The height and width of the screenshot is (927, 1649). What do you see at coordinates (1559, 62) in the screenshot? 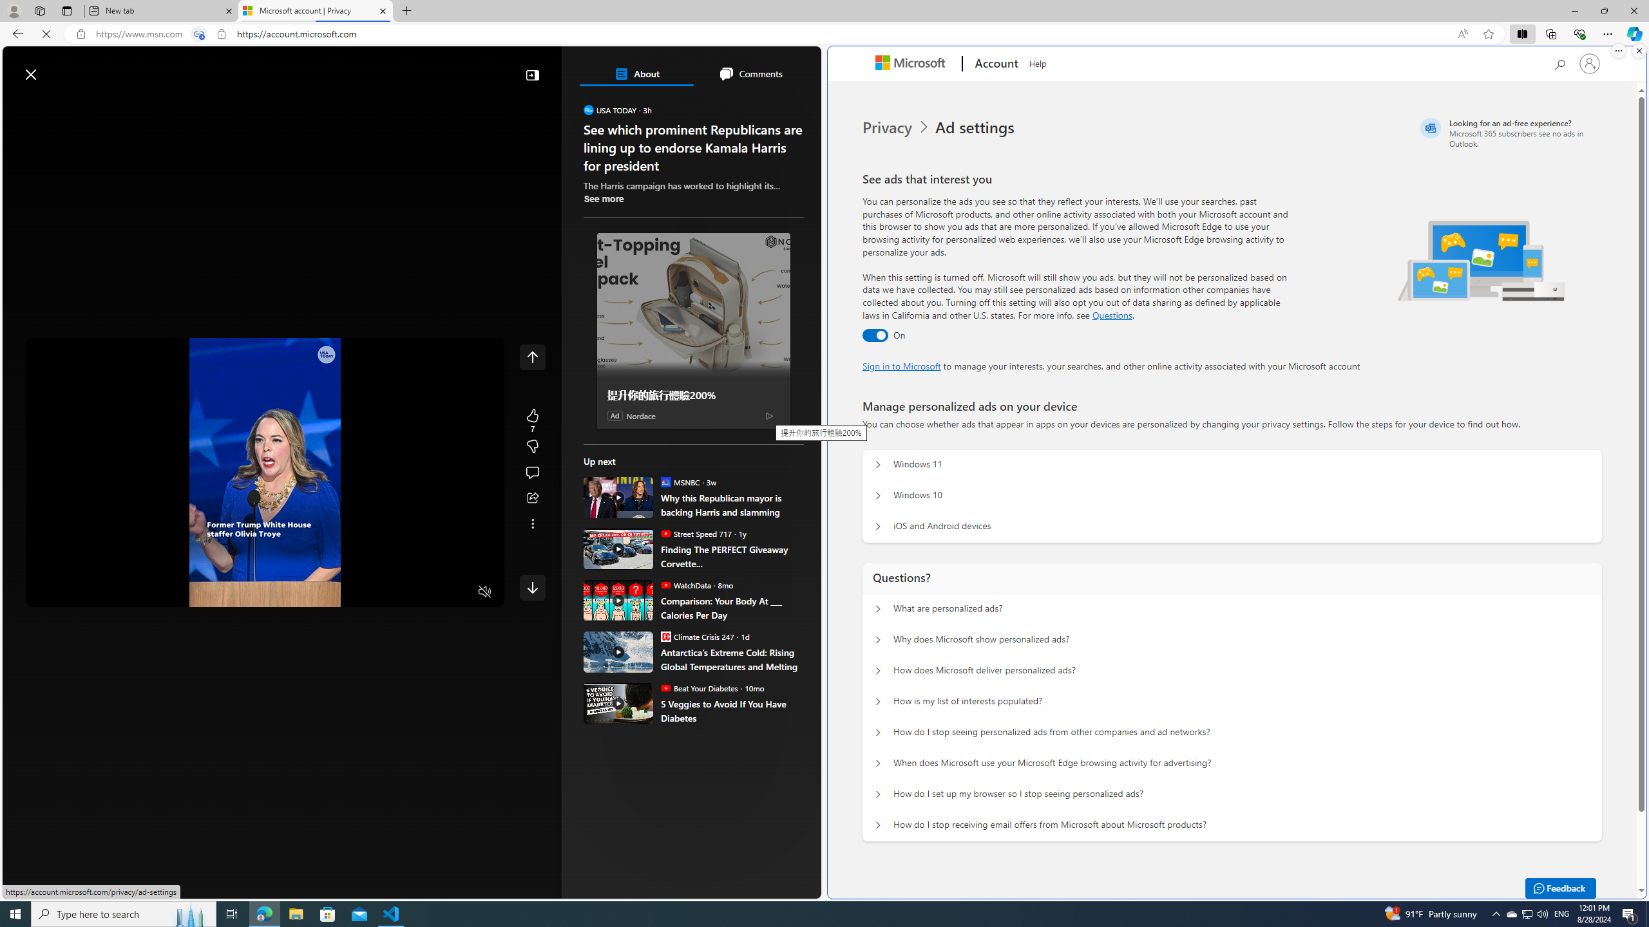
I see `'Search Microsoft.com'` at bounding box center [1559, 62].